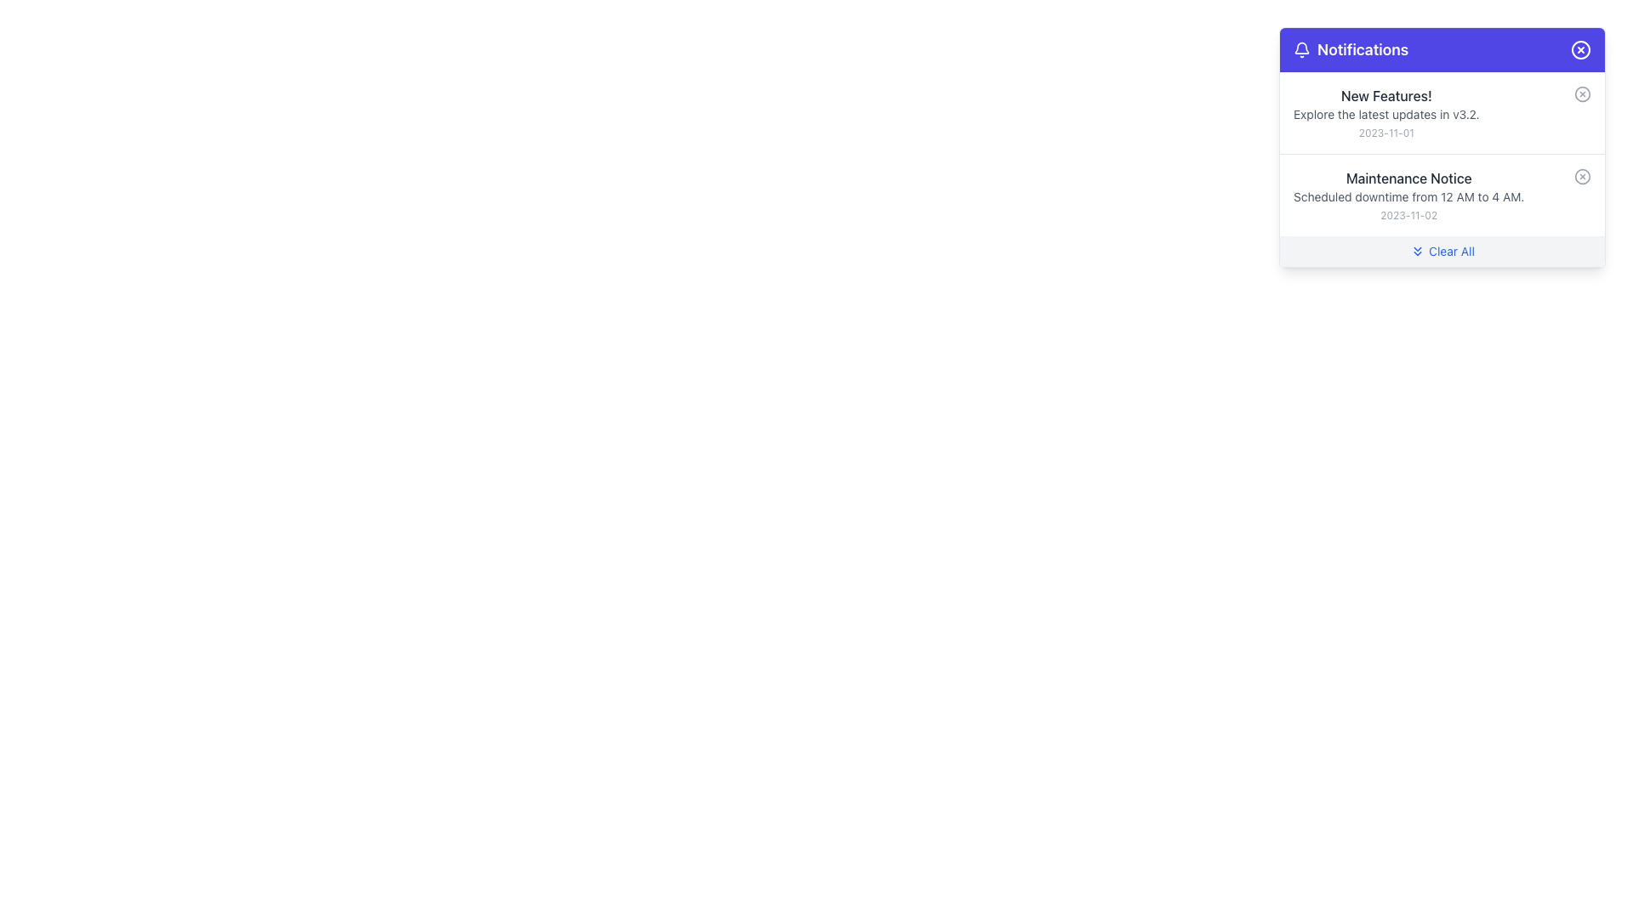 The height and width of the screenshot is (918, 1633). What do you see at coordinates (1441, 194) in the screenshot?
I see `the second notification item under the 'Notifications' header, which is positioned below the 'New Features!' notification` at bounding box center [1441, 194].